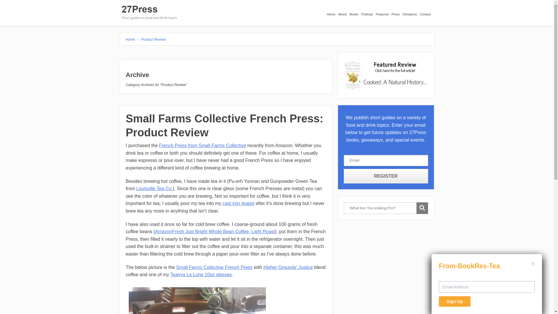  I want to click on 'Featured', so click(384, 13).